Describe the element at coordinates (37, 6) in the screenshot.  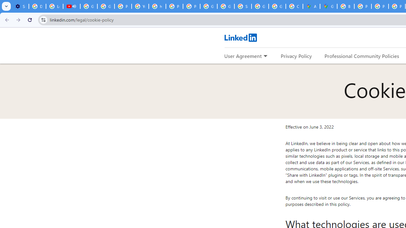
I see `'Delete photos & videos - Computer - Google Photos Help'` at that location.